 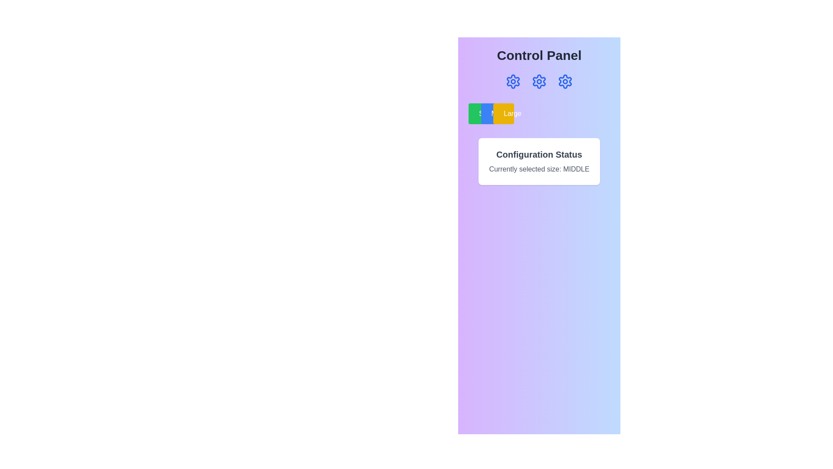 I want to click on the third gear icon in the 'Control Panel' section, so click(x=565, y=82).